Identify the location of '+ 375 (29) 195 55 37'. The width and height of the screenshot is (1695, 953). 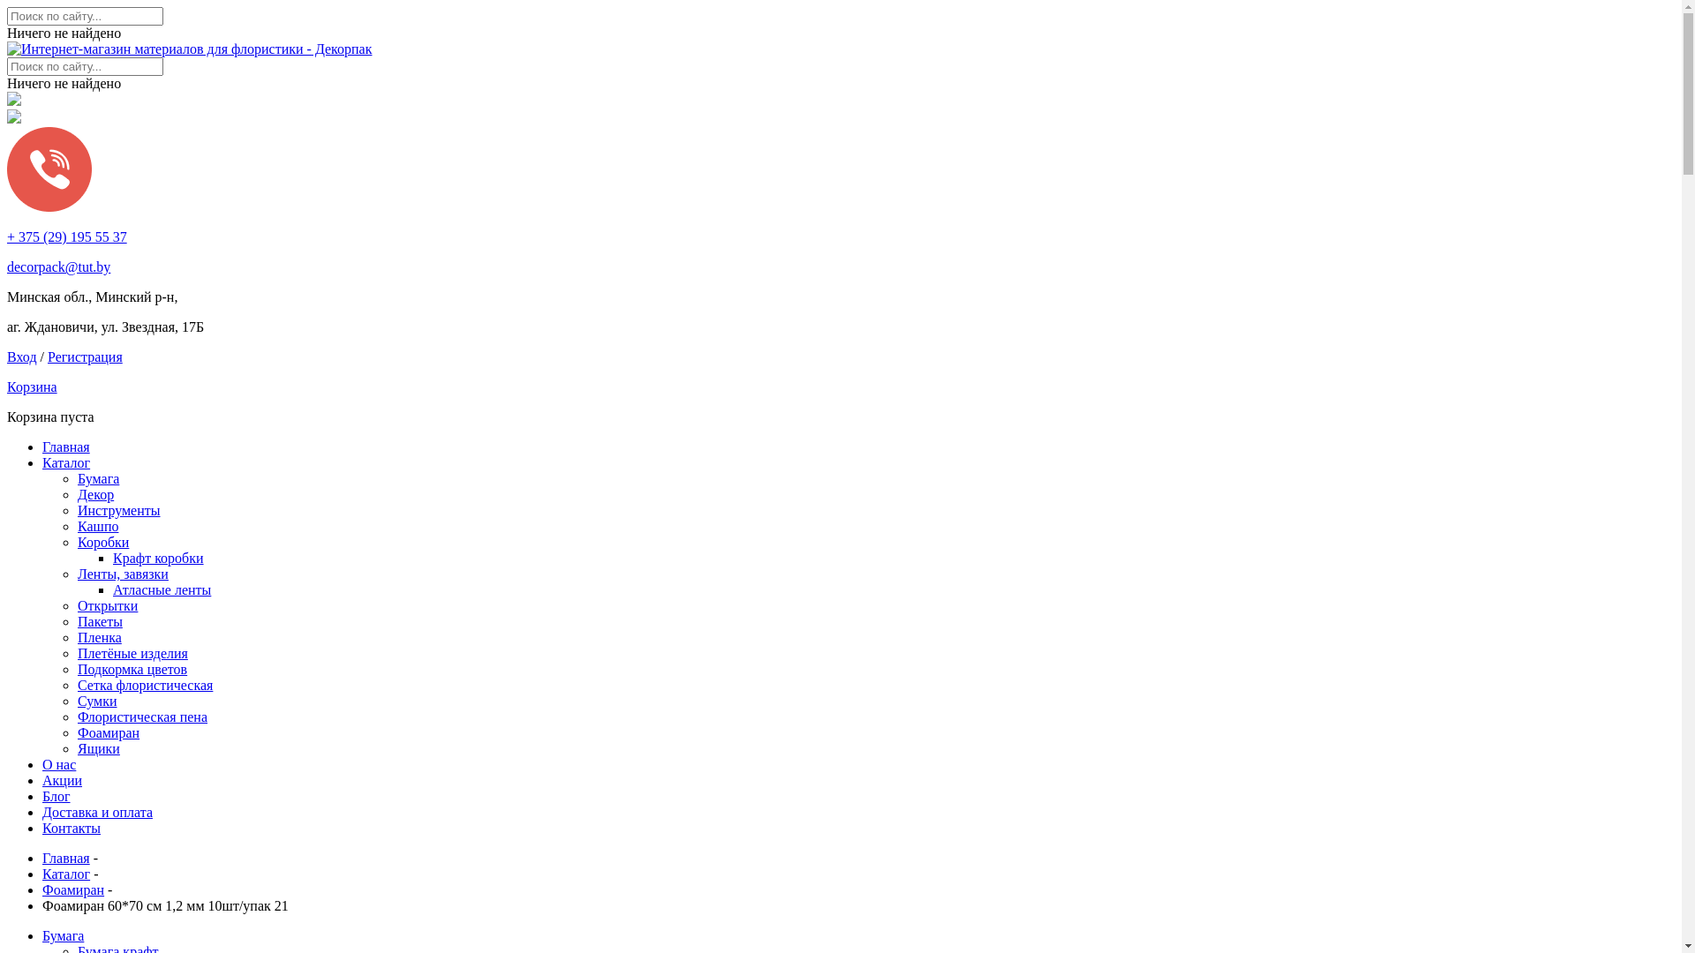
(67, 236).